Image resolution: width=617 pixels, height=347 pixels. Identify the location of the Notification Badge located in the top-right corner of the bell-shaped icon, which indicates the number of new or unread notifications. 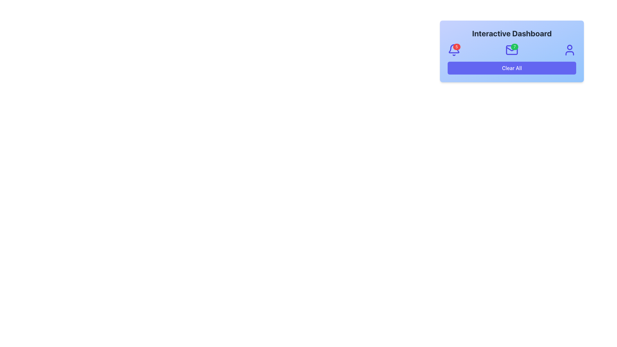
(456, 47).